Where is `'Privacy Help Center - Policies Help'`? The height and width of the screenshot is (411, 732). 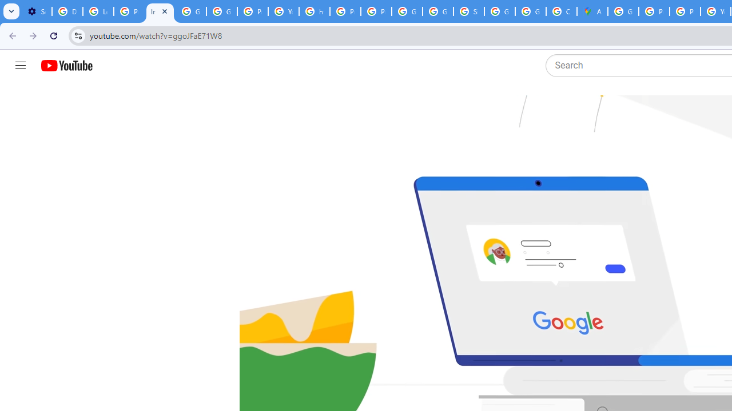
'Privacy Help Center - Policies Help' is located at coordinates (654, 11).